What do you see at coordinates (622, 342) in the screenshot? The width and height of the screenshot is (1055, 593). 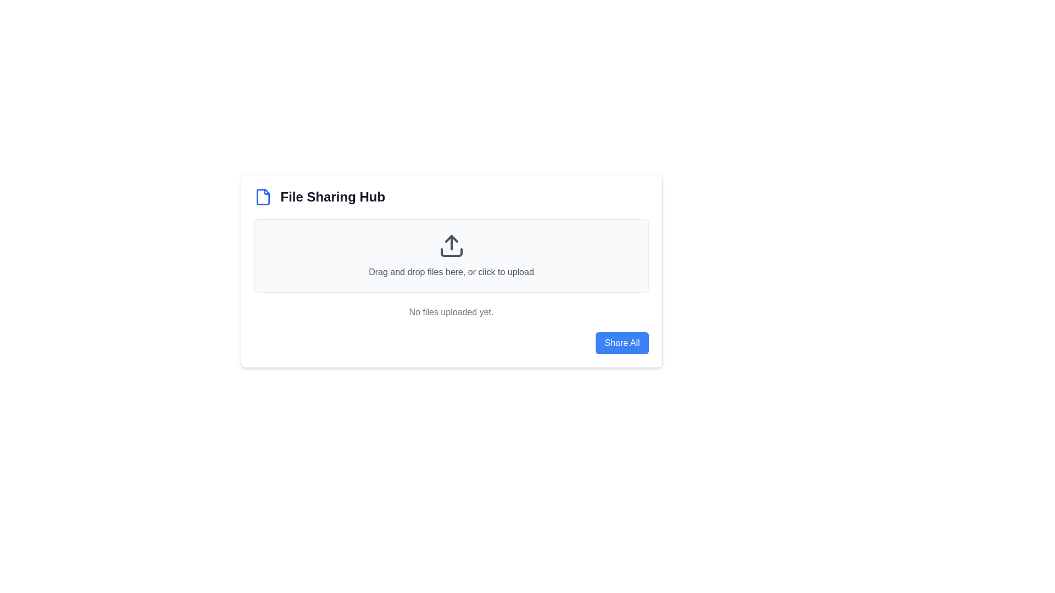 I see `the clickable button located at the bottom-right corner of the interface to observe the hover effects` at bounding box center [622, 342].